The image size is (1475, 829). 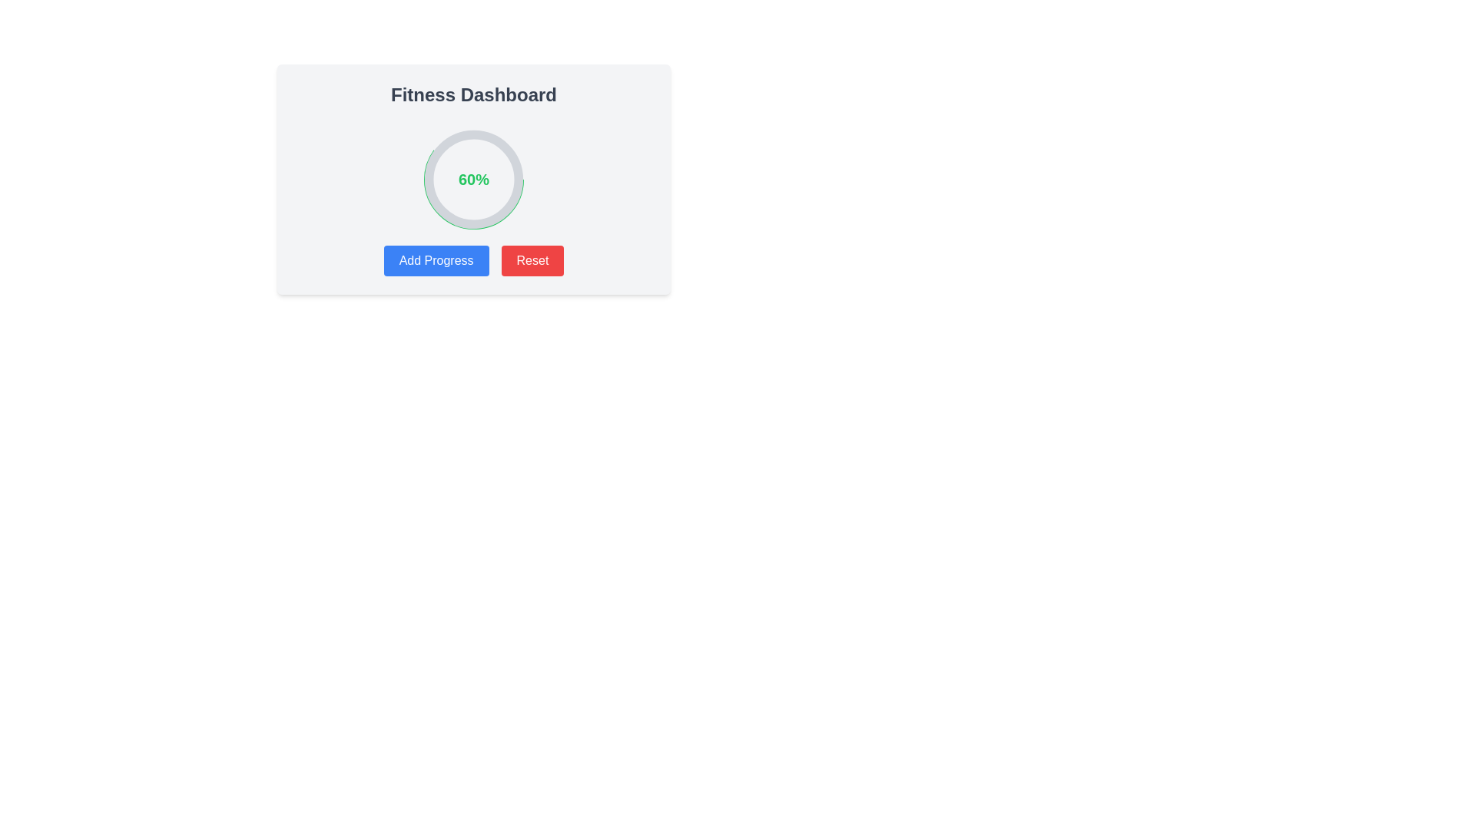 I want to click on the Circular Progress Indicator that displays the user's fitness progress percentage, located below the title 'Fitness Dashboard', so click(x=473, y=179).